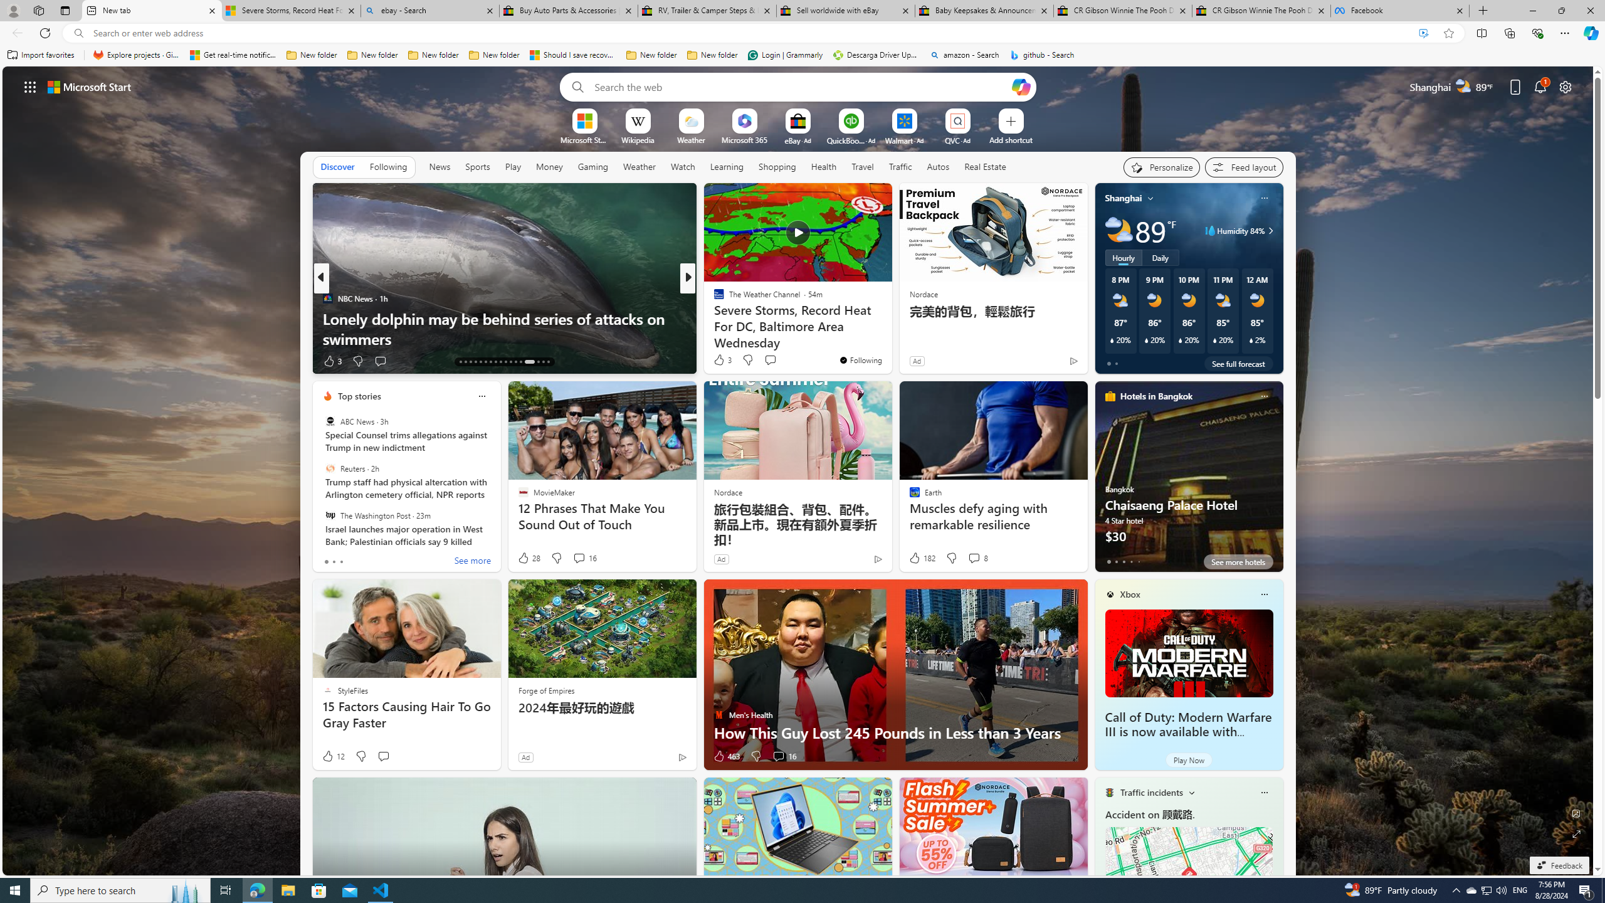 The image size is (1605, 903). What do you see at coordinates (485, 362) in the screenshot?
I see `'AutomationID: tab-18'` at bounding box center [485, 362].